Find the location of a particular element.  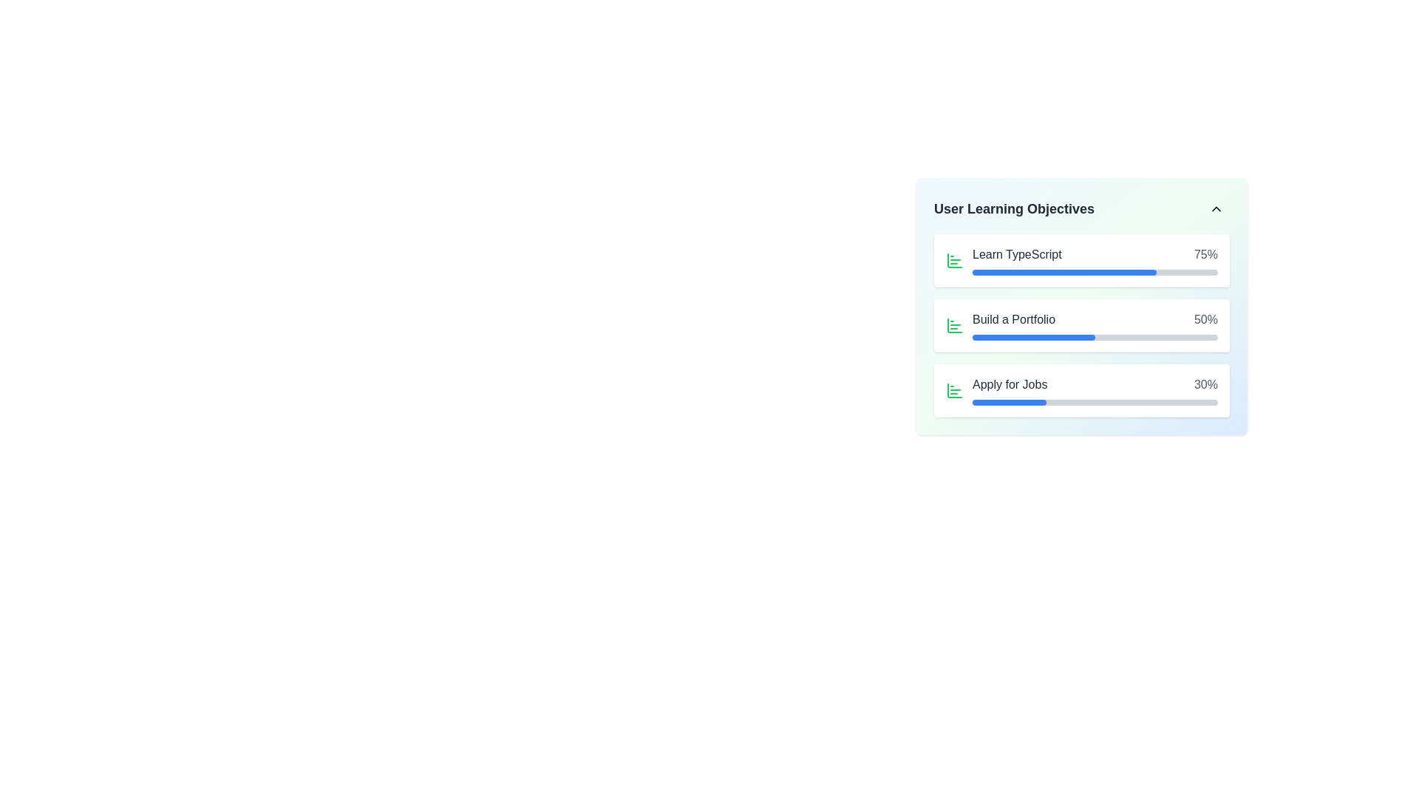

progress percentage displayed in the text label located on the right side of the 'Build a Portfolio' progress indicator, which is the second entry in the list of learning objectives is located at coordinates (1206, 318).